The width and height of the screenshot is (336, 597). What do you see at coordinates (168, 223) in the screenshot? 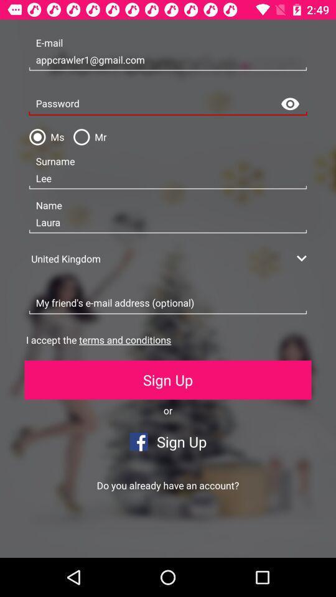
I see `laura item` at bounding box center [168, 223].